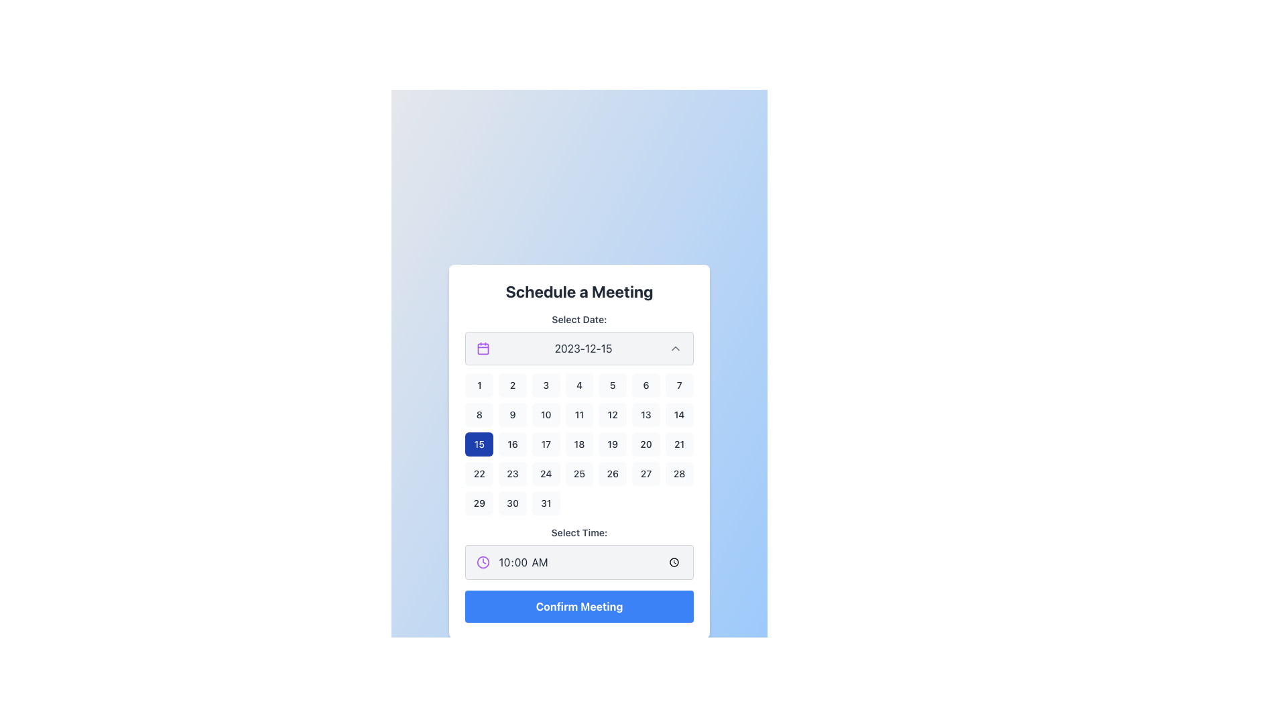 The image size is (1287, 724). Describe the element at coordinates (511, 385) in the screenshot. I see `the button labeled '2' with a light gray background, located in the second column of the topmost row in the calendar grid layout` at that location.